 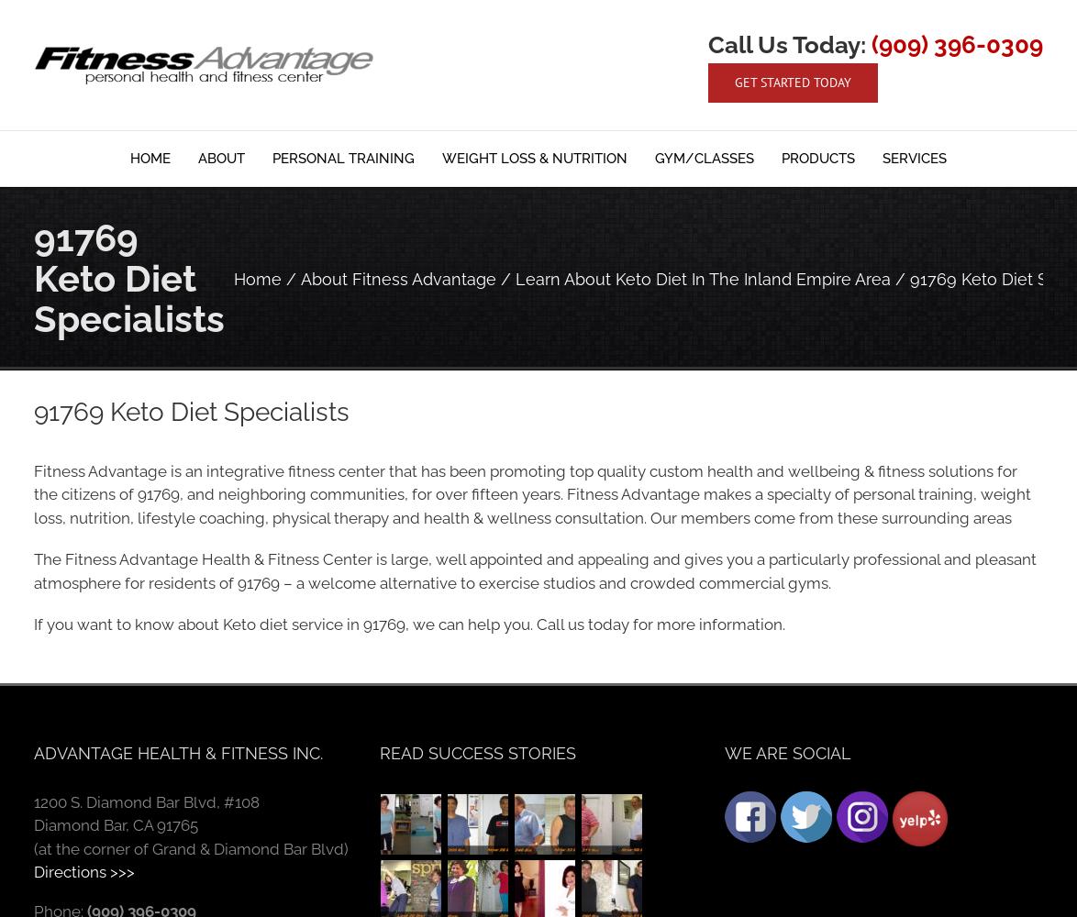 What do you see at coordinates (191, 848) in the screenshot?
I see `'(at the corner of Grand & Diamond Bar Blvd)'` at bounding box center [191, 848].